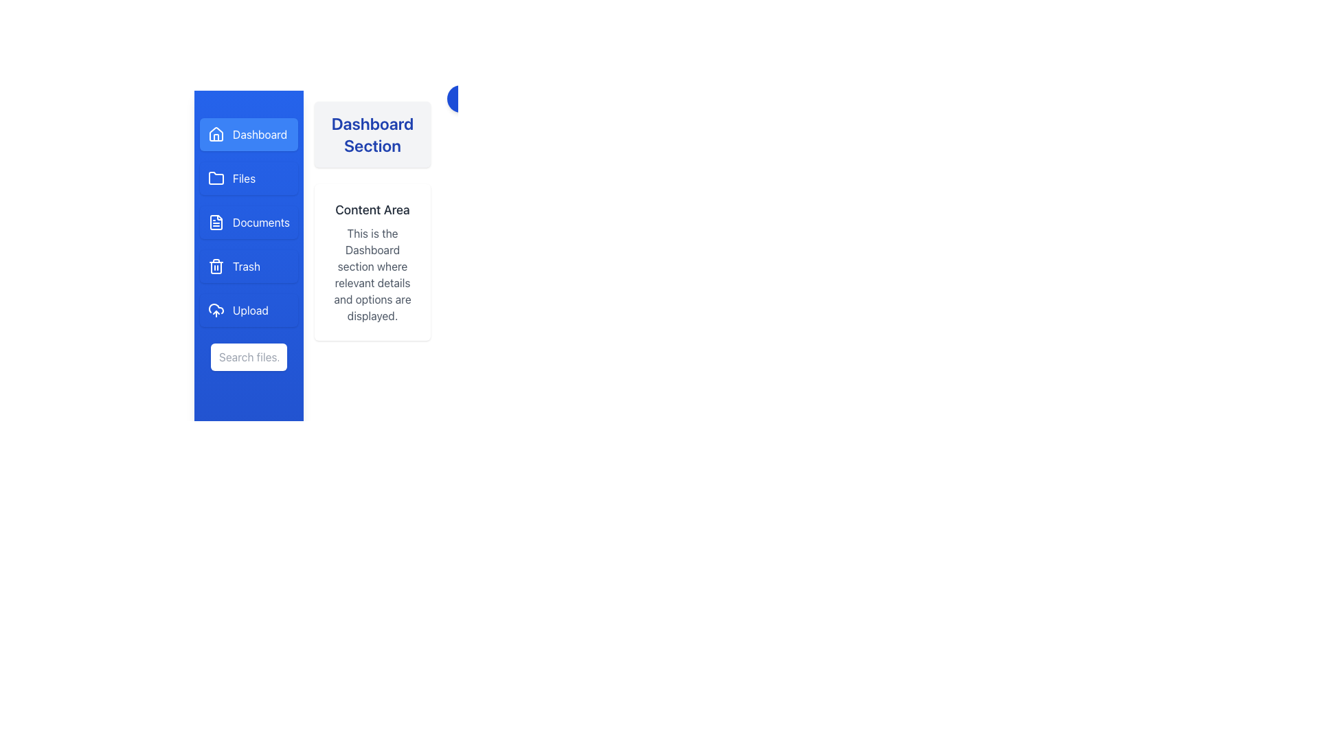 This screenshot has height=742, width=1319. What do you see at coordinates (249, 267) in the screenshot?
I see `the 'Trash' button, which is a rectangular button with a blue background and white rounded corners, located in the vertical menu on the left side of the interface` at bounding box center [249, 267].